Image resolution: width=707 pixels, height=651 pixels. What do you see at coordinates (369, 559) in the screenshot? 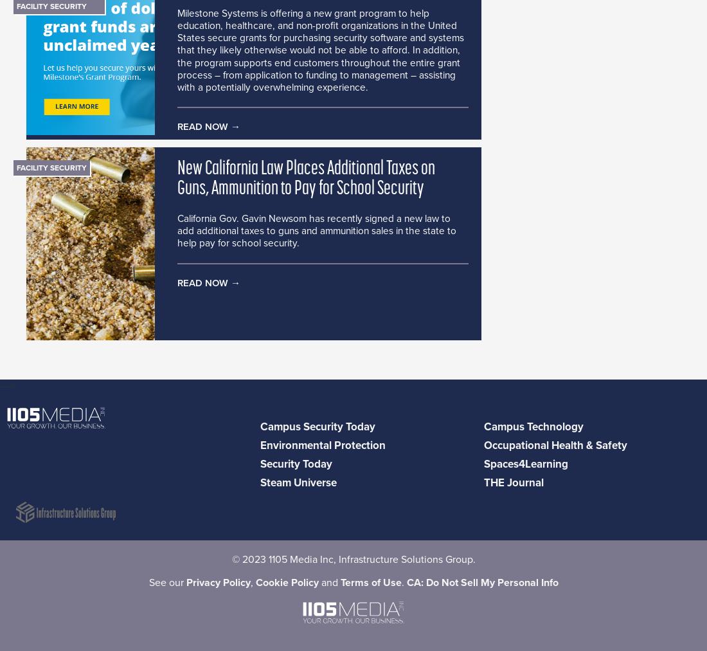
I see `'1105 Media Inc, Infrastructure Solutions Group.'` at bounding box center [369, 559].